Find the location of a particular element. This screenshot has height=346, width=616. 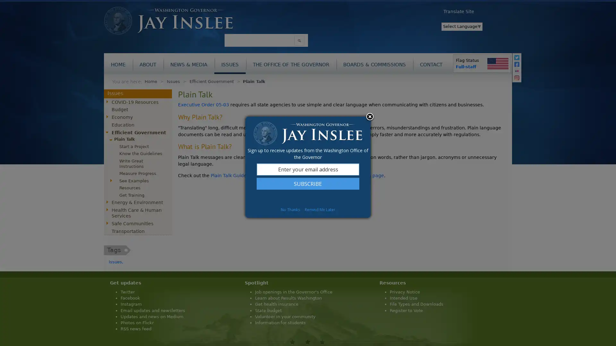

Subscribe is located at coordinates (308, 184).